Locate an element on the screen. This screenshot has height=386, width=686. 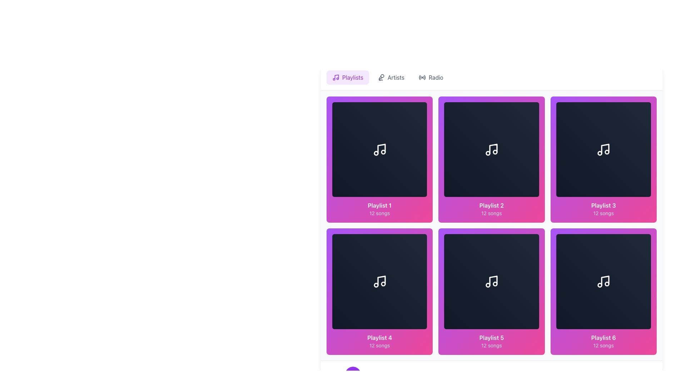
the Decorative icon resembling a music note located at the center of the fifth playlist card in a grid layout of six cards is located at coordinates (493, 280).